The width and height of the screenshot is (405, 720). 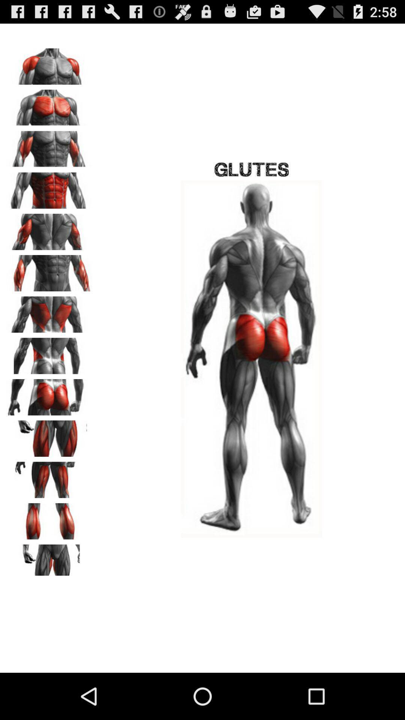 I want to click on this button will let you look at the leg muscles affected, so click(x=49, y=436).